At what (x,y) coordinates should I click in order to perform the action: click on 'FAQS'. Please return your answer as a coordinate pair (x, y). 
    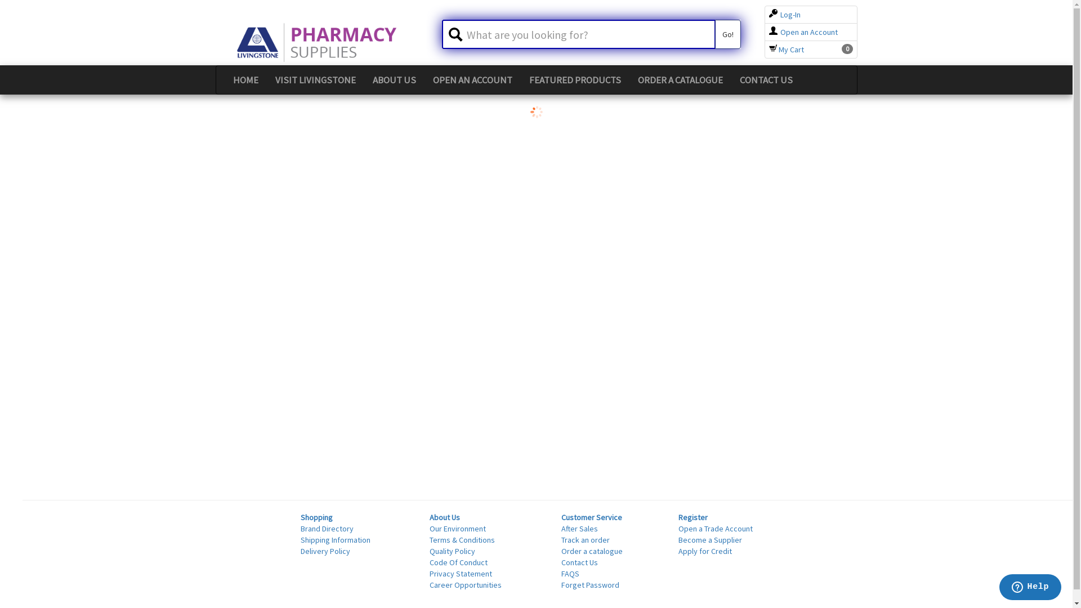
    Looking at the image, I should click on (570, 573).